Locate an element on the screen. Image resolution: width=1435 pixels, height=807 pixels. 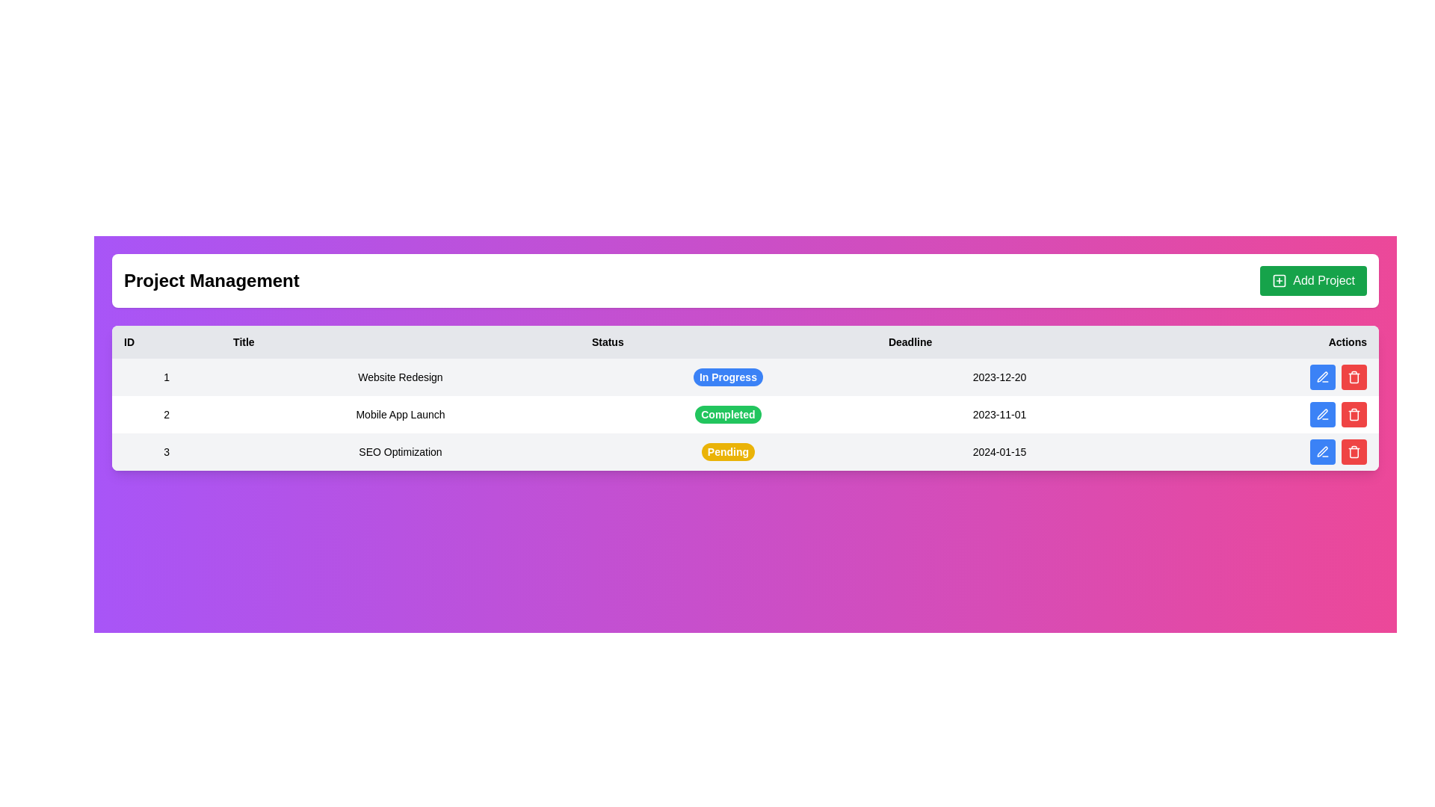
the pen icon located inside the blue circular button in the last row of the table under the 'Actions' column is located at coordinates (1323, 451).